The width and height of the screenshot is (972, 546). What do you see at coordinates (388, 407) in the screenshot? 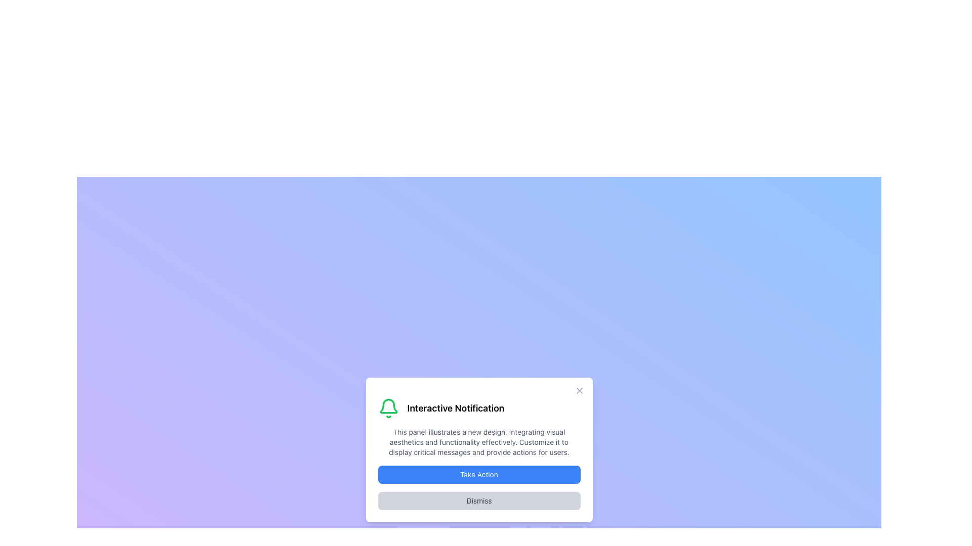
I see `the notification icon located at the far left of the card's header, next to the text 'Interactive Notification'` at bounding box center [388, 407].